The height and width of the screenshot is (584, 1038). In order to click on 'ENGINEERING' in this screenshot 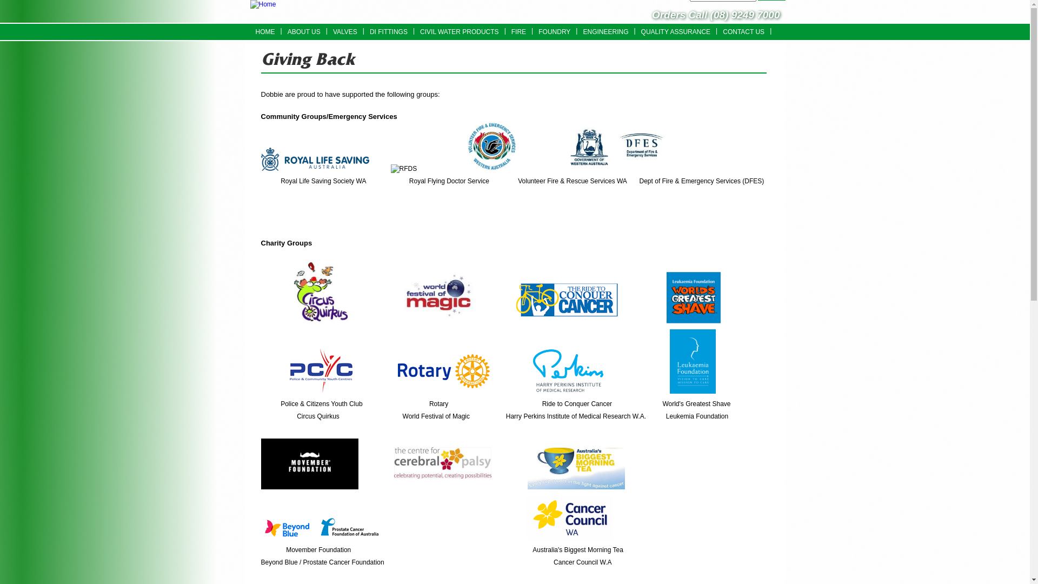, I will do `click(577, 31)`.